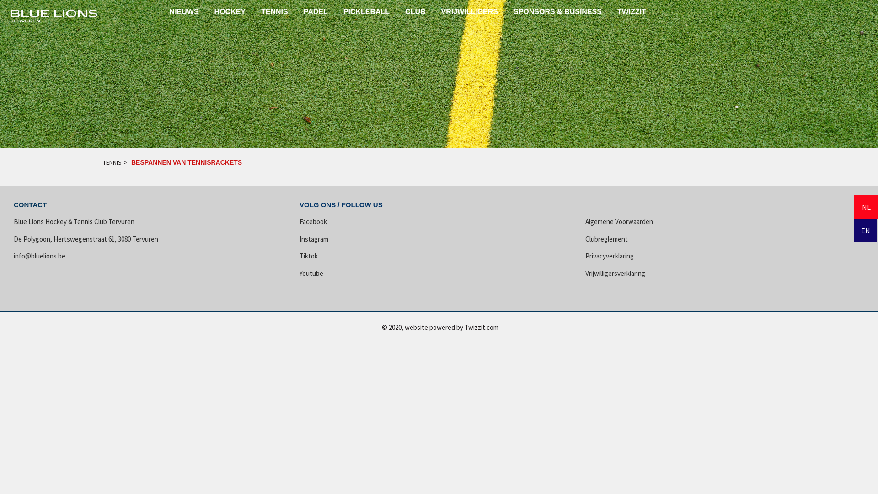  I want to click on 'HOCKEY', so click(230, 12).